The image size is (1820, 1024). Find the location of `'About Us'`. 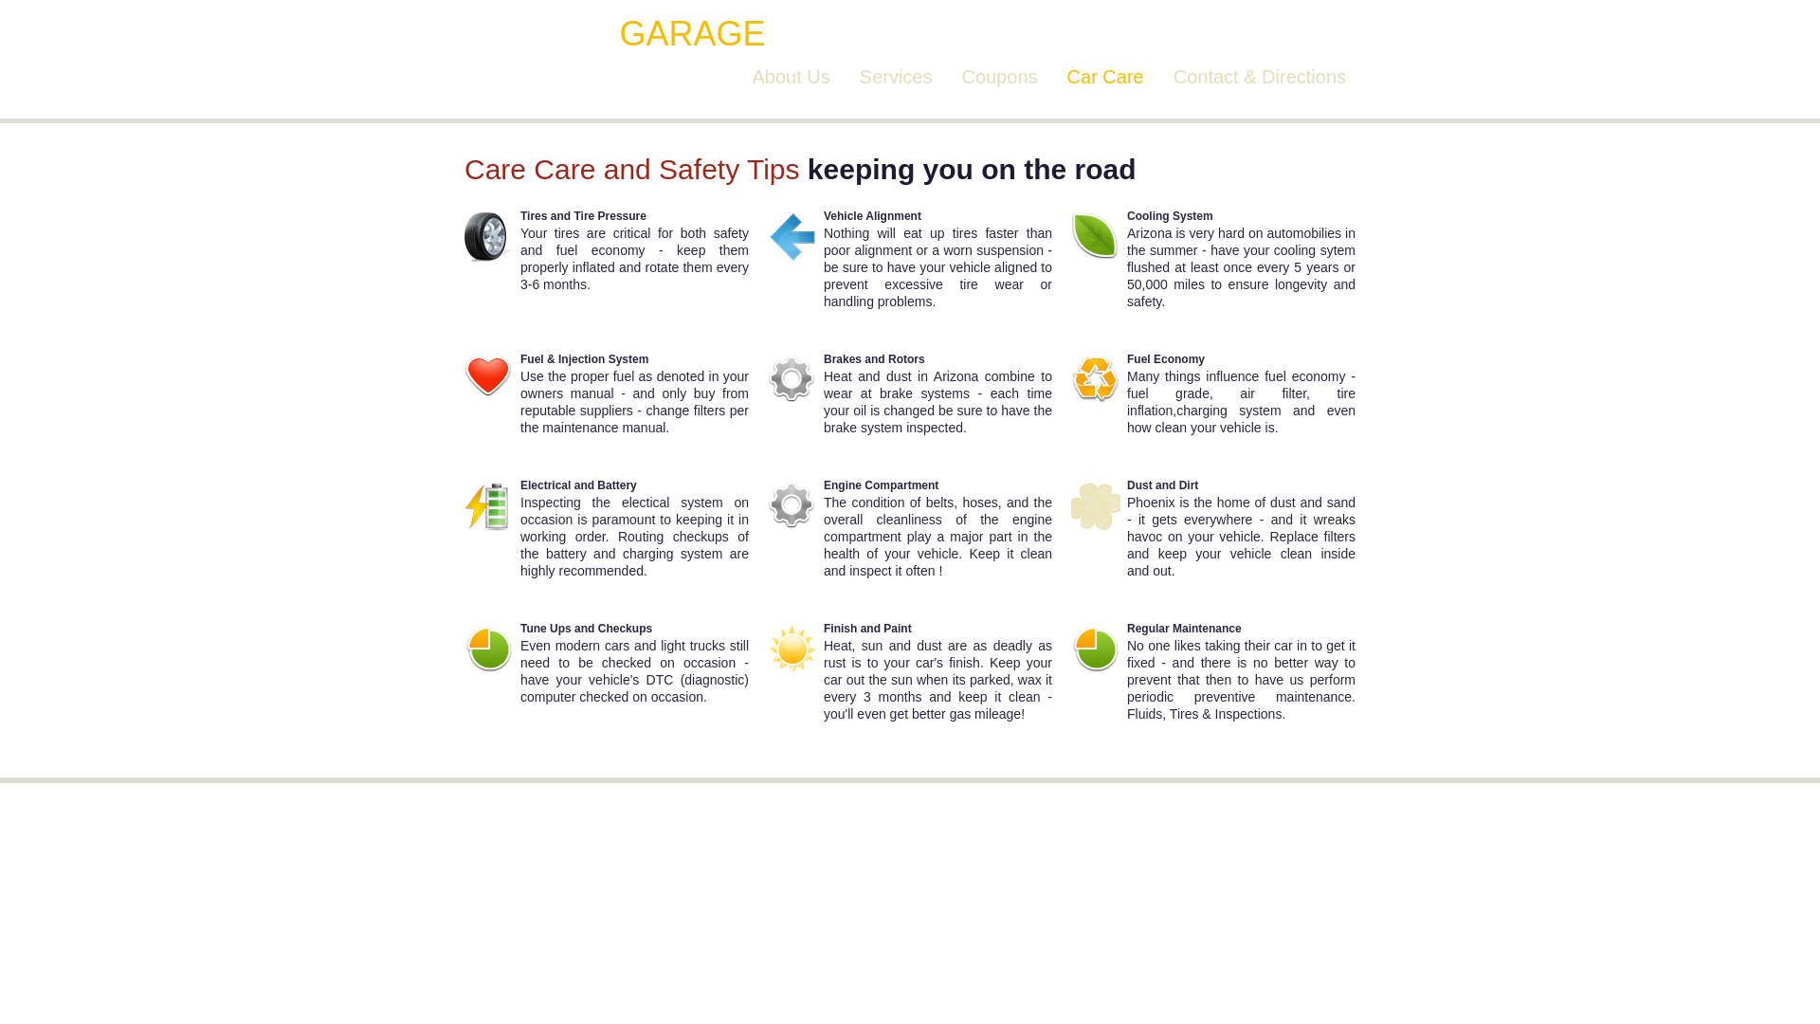

'About Us' is located at coordinates (751, 76).